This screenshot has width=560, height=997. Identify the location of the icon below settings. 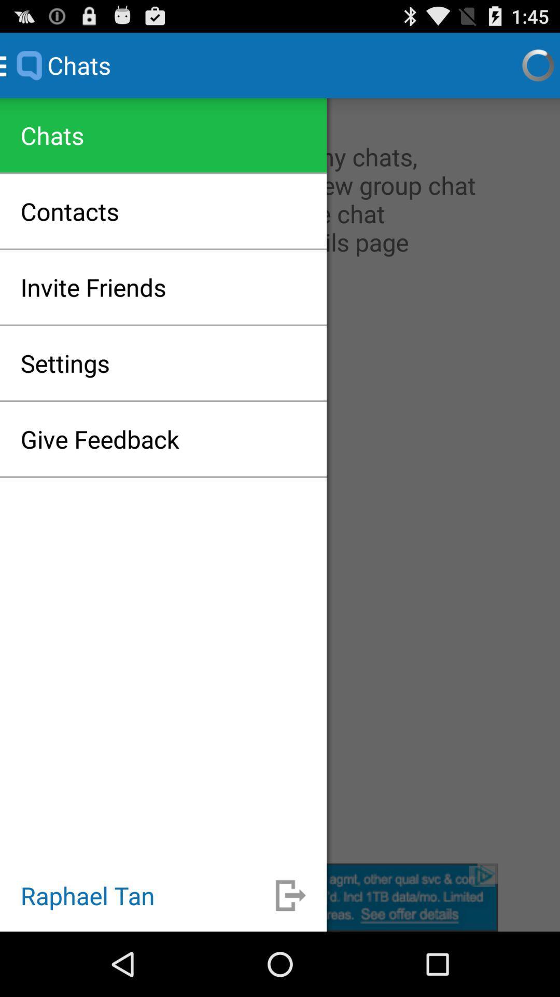
(100, 439).